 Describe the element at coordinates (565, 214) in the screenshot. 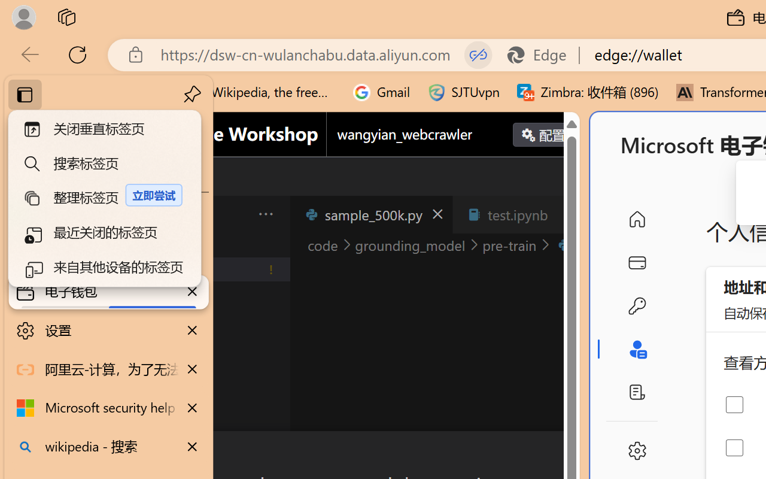

I see `'Tab actions'` at that location.